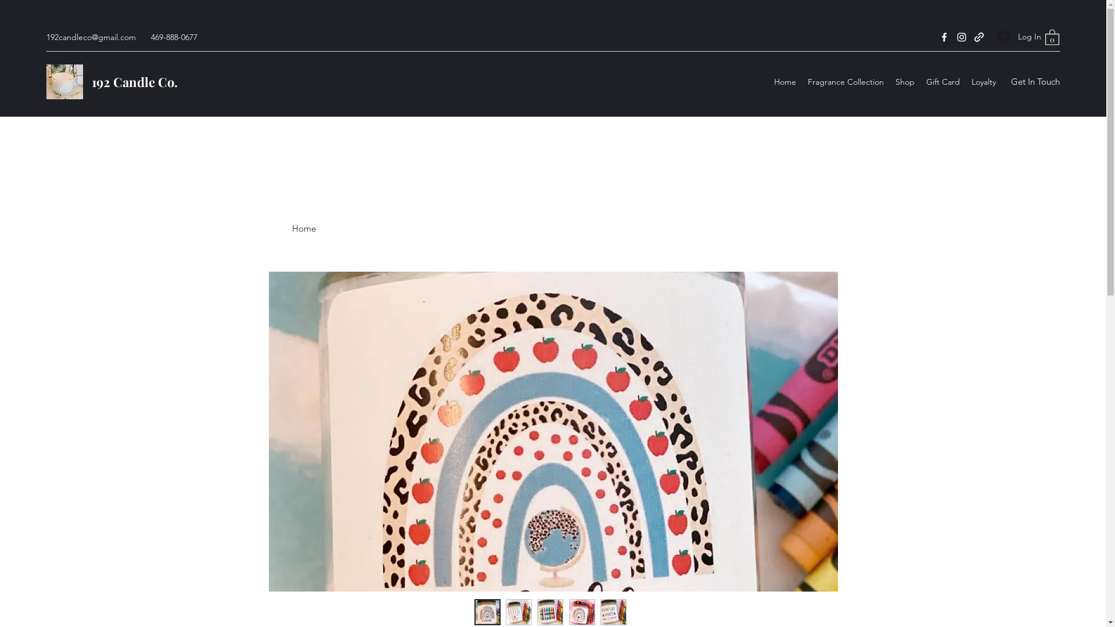  What do you see at coordinates (134, 81) in the screenshot?
I see `'192 Candle Co.'` at bounding box center [134, 81].